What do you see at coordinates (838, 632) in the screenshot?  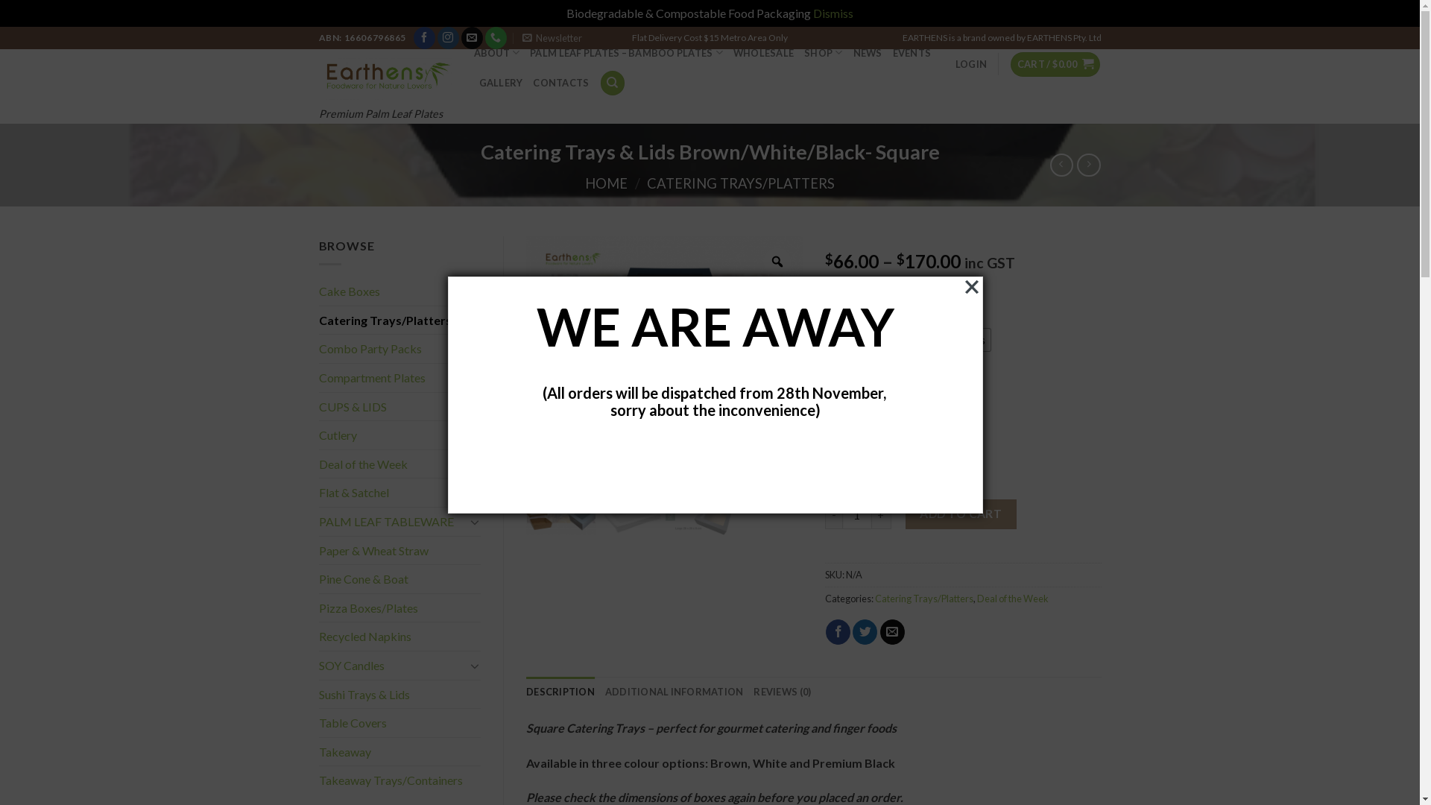 I see `'Share on Facebook'` at bounding box center [838, 632].